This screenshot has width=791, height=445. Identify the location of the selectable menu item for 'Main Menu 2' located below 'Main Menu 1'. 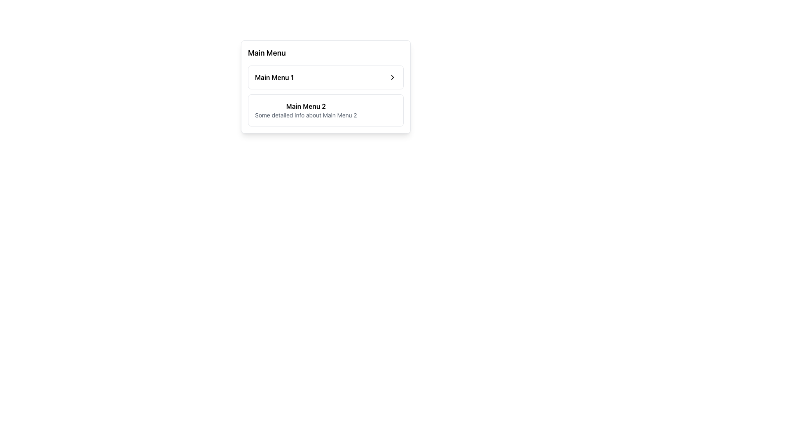
(325, 95).